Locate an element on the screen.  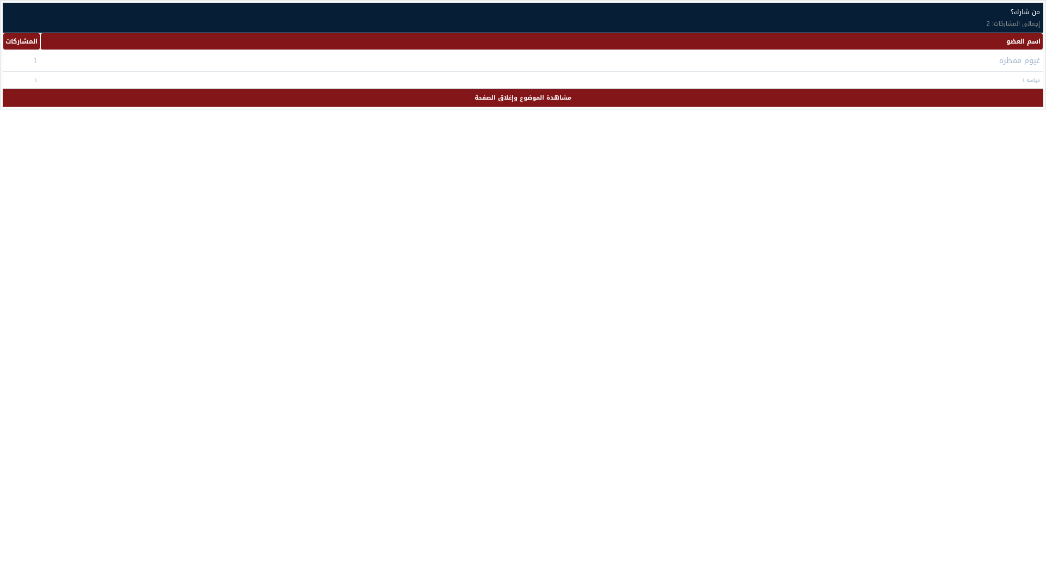
'1' is located at coordinates (36, 79).